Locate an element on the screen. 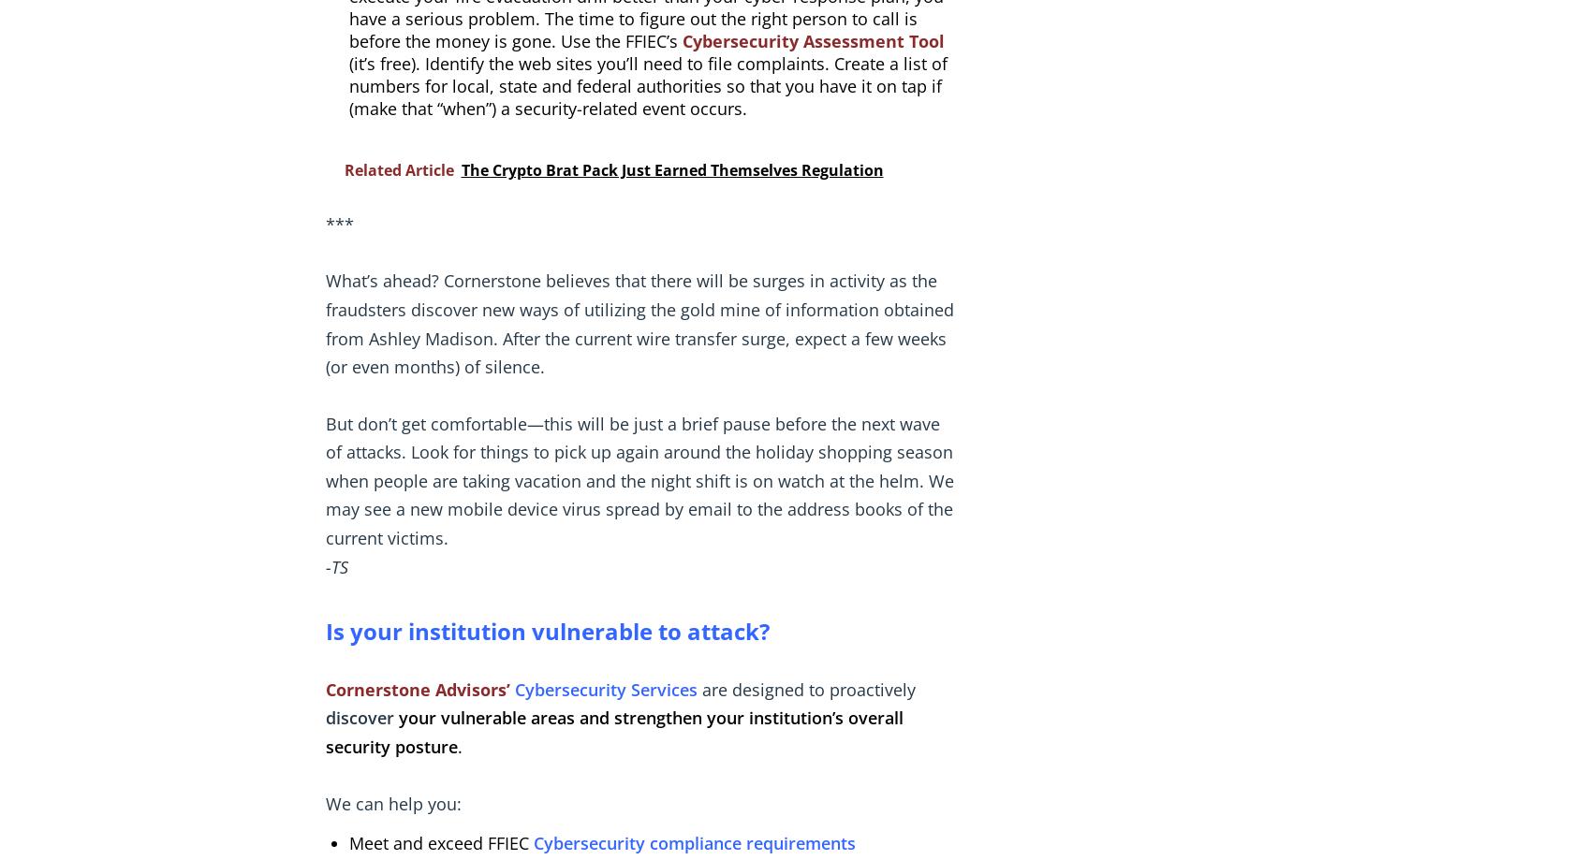 This screenshot has width=1587, height=860. 'discover' is located at coordinates (323, 717).